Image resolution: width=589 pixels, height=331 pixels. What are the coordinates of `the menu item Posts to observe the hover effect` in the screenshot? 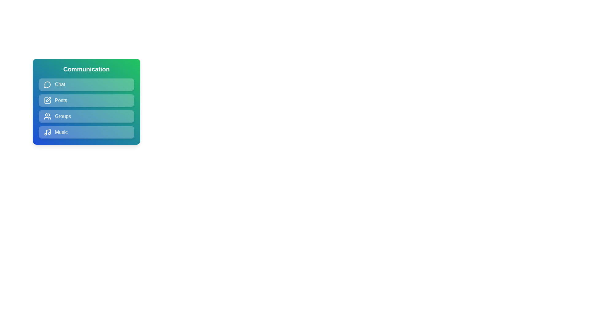 It's located at (86, 100).